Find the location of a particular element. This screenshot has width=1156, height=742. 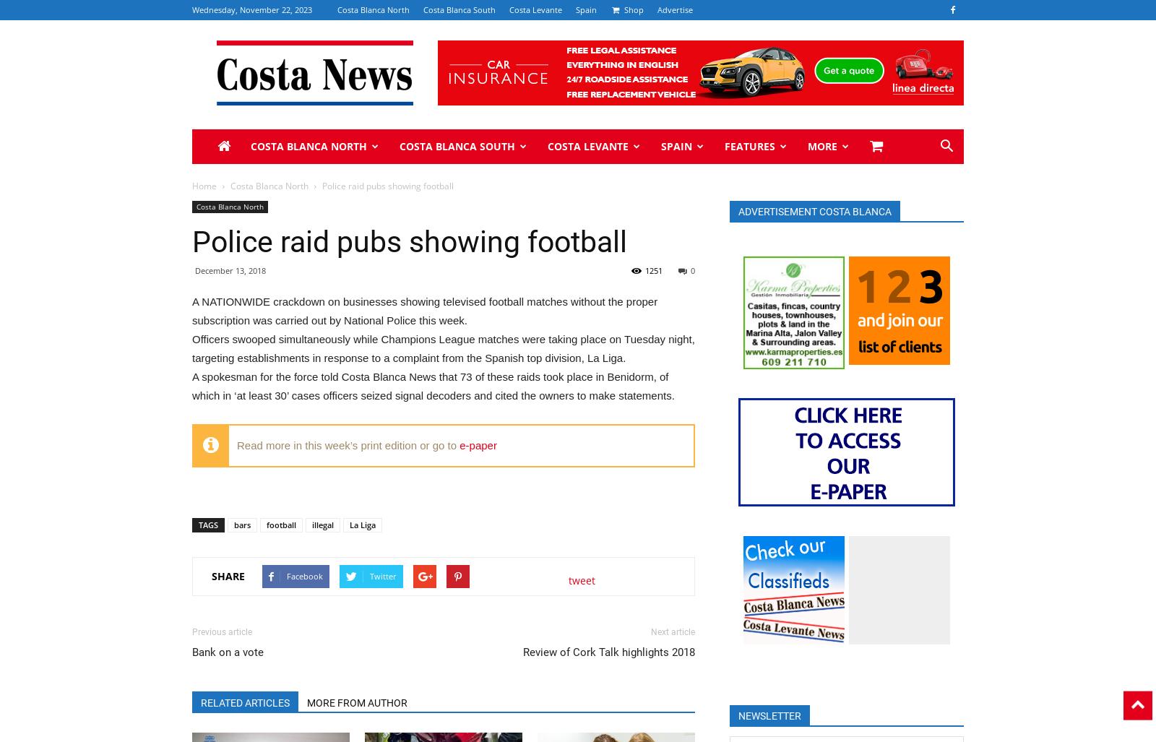

'ADVERTISEMENT COSTA BLANCA' is located at coordinates (738, 211).